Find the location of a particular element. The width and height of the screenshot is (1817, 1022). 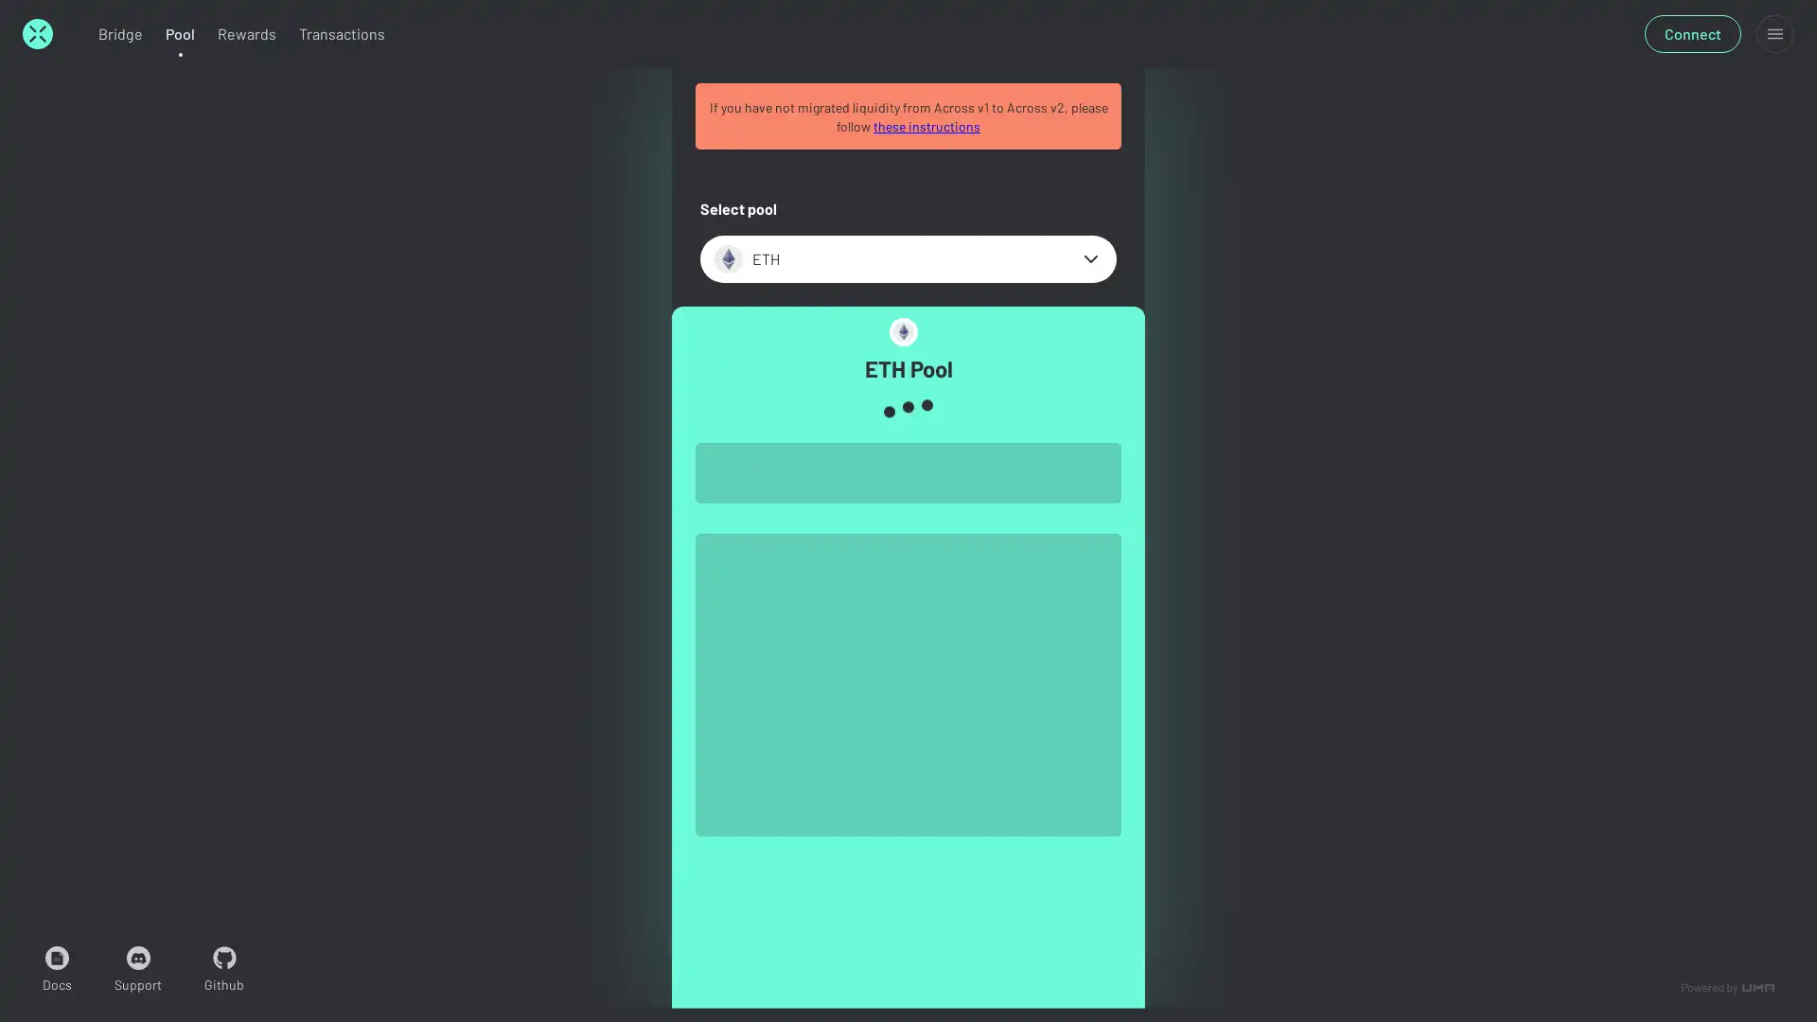

MAX is located at coordinates (765, 812).